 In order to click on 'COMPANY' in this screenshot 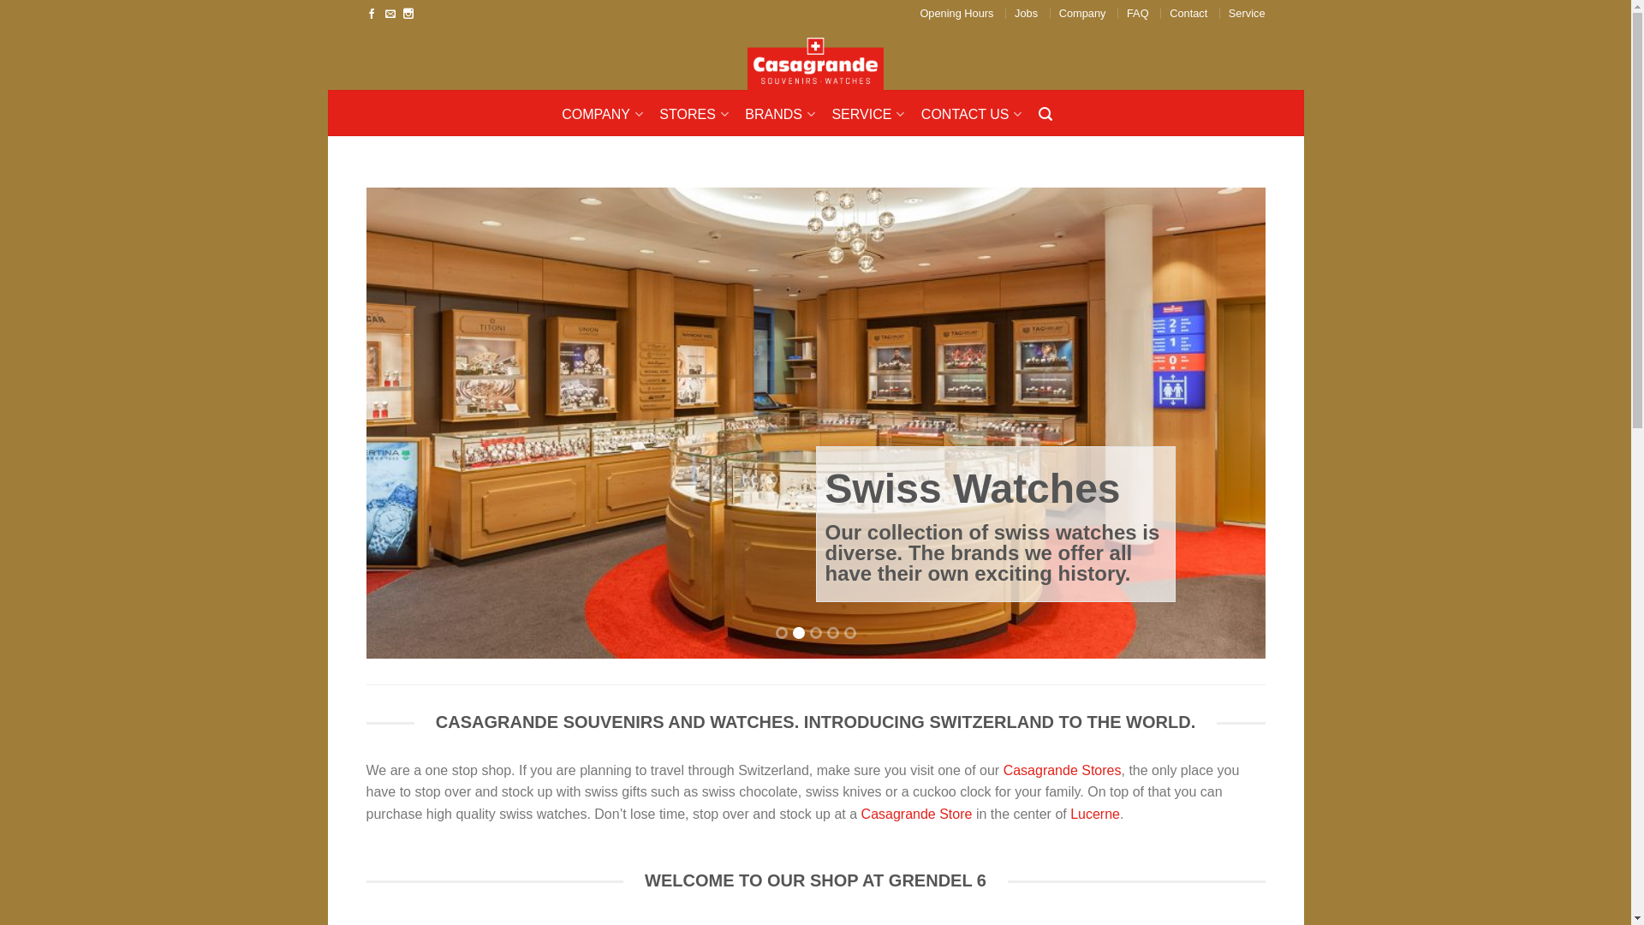, I will do `click(608, 114)`.